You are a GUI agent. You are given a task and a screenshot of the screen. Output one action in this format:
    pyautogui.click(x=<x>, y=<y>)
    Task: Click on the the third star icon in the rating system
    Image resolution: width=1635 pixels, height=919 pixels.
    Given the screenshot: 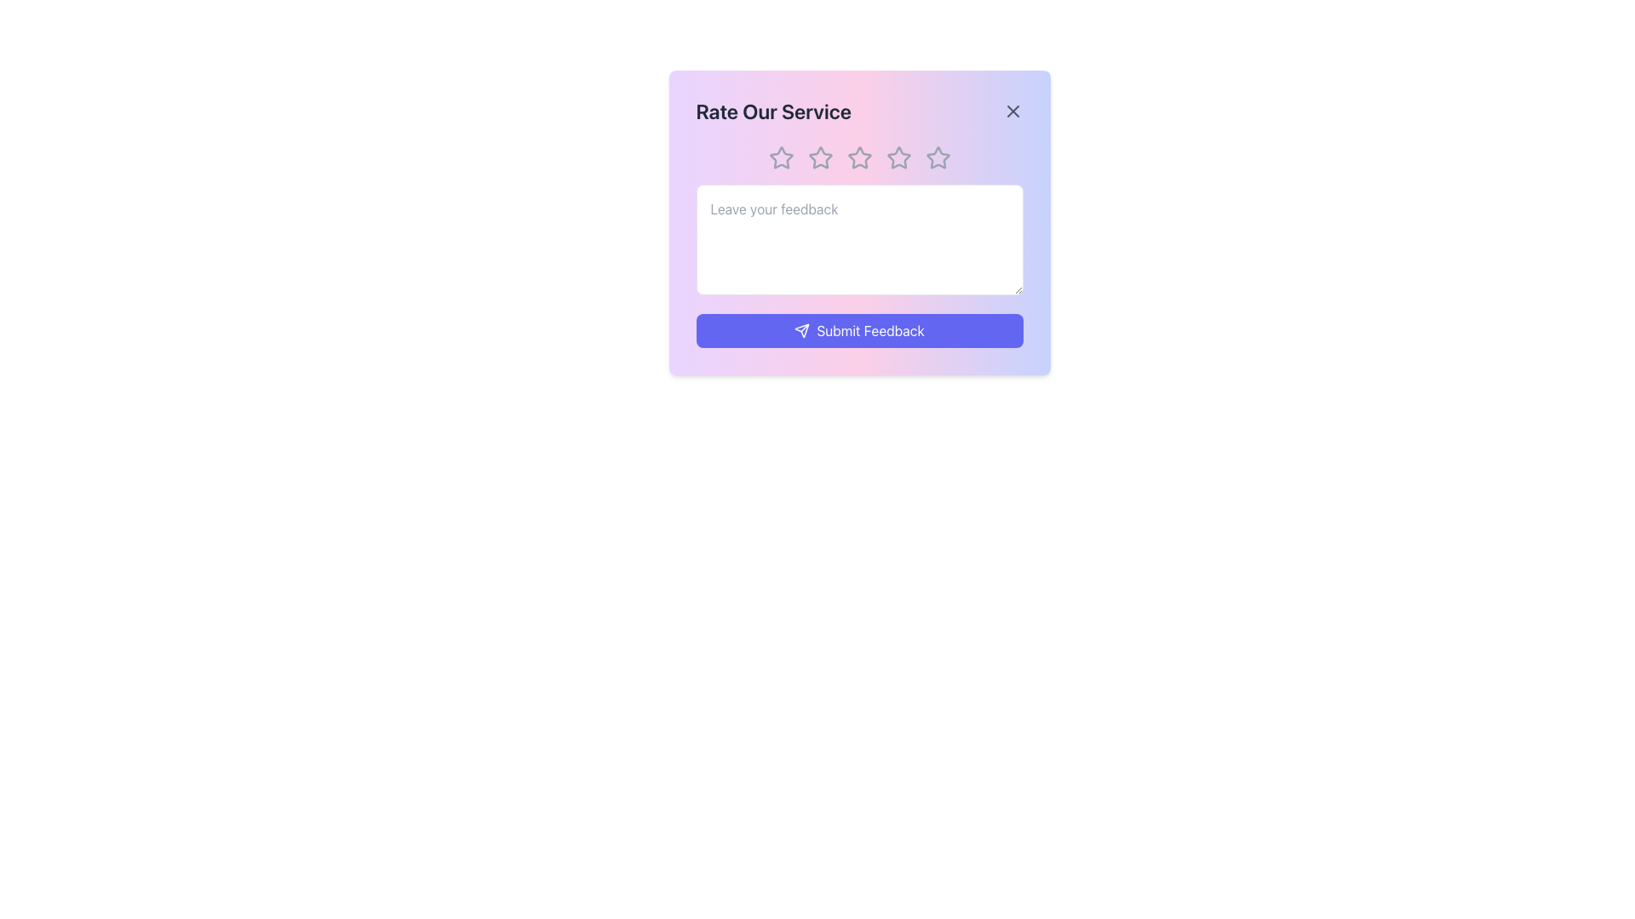 What is the action you would take?
    pyautogui.click(x=859, y=157)
    